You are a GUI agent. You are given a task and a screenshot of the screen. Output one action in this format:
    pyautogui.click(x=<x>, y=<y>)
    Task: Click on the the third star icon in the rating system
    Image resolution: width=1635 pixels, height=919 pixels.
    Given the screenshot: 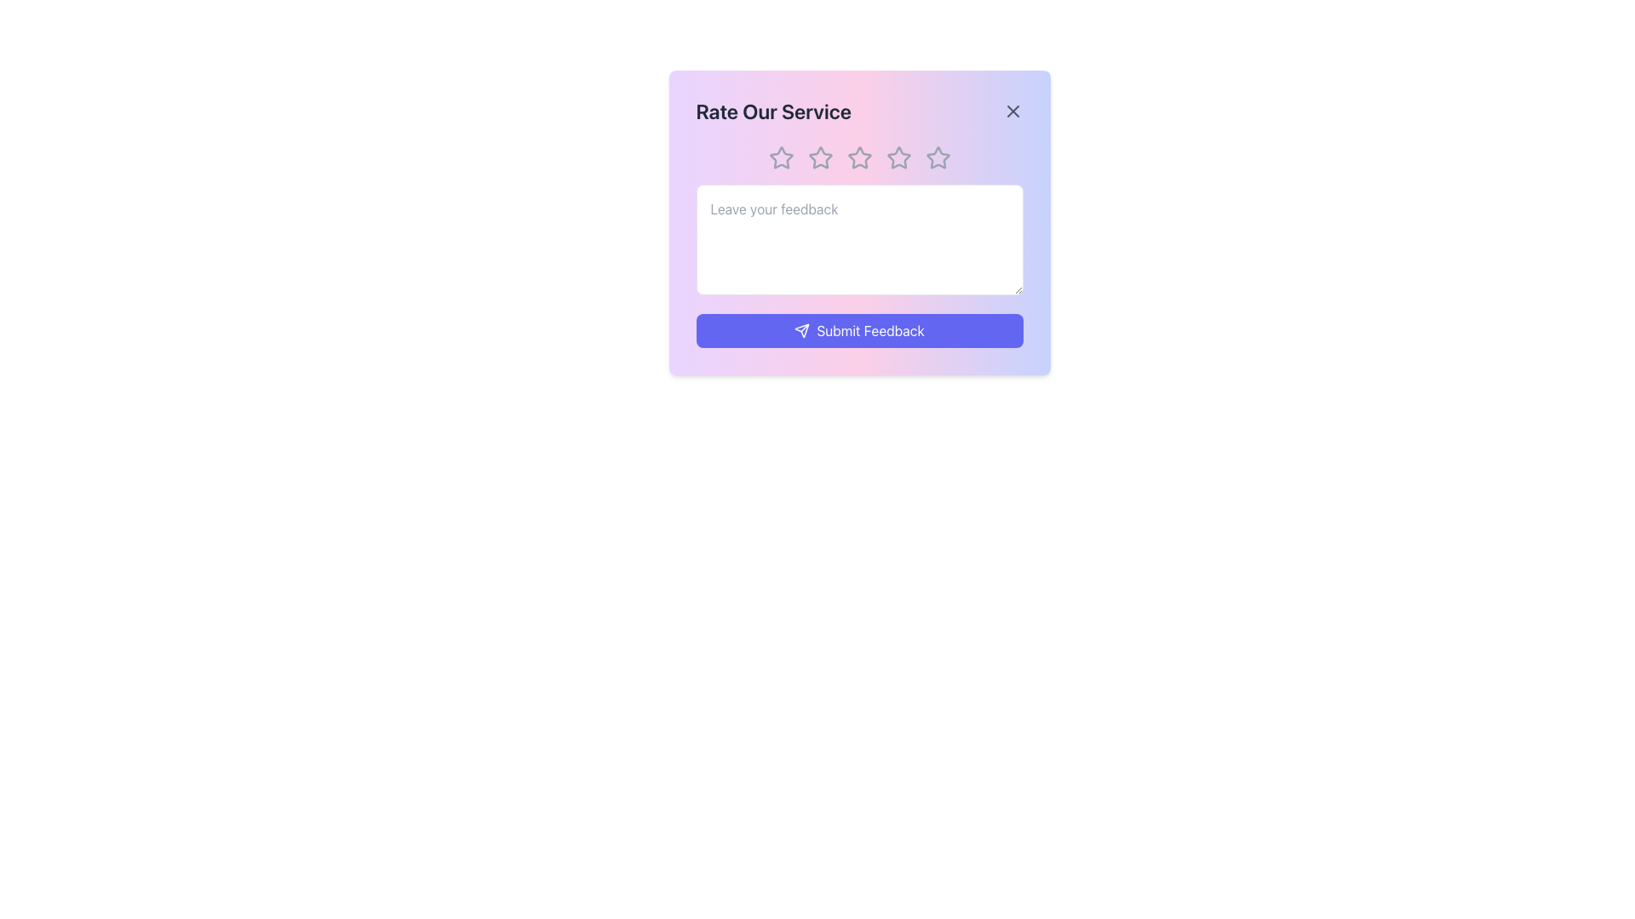 What is the action you would take?
    pyautogui.click(x=859, y=157)
    